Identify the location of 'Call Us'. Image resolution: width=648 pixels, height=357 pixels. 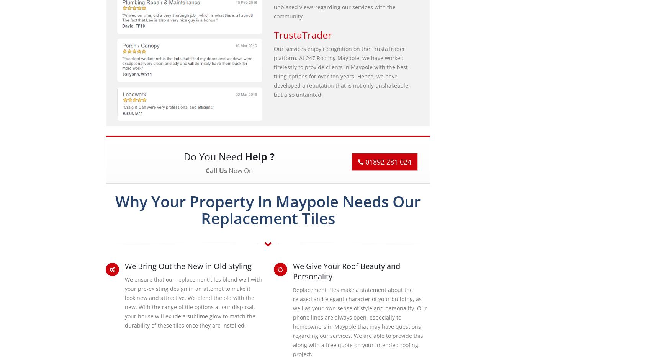
(216, 170).